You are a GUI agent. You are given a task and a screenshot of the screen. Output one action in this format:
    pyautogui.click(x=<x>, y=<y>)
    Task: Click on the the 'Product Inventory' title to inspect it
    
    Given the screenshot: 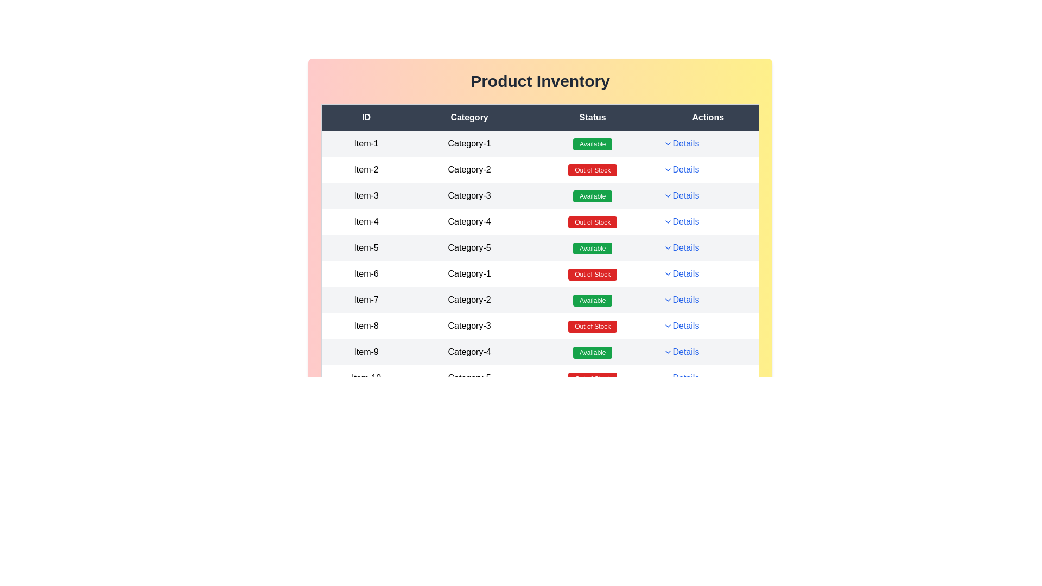 What is the action you would take?
    pyautogui.click(x=540, y=81)
    